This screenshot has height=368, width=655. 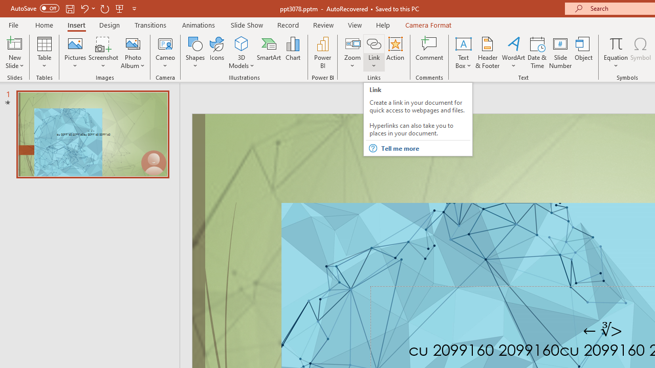 I want to click on 'Review', so click(x=322, y=25).